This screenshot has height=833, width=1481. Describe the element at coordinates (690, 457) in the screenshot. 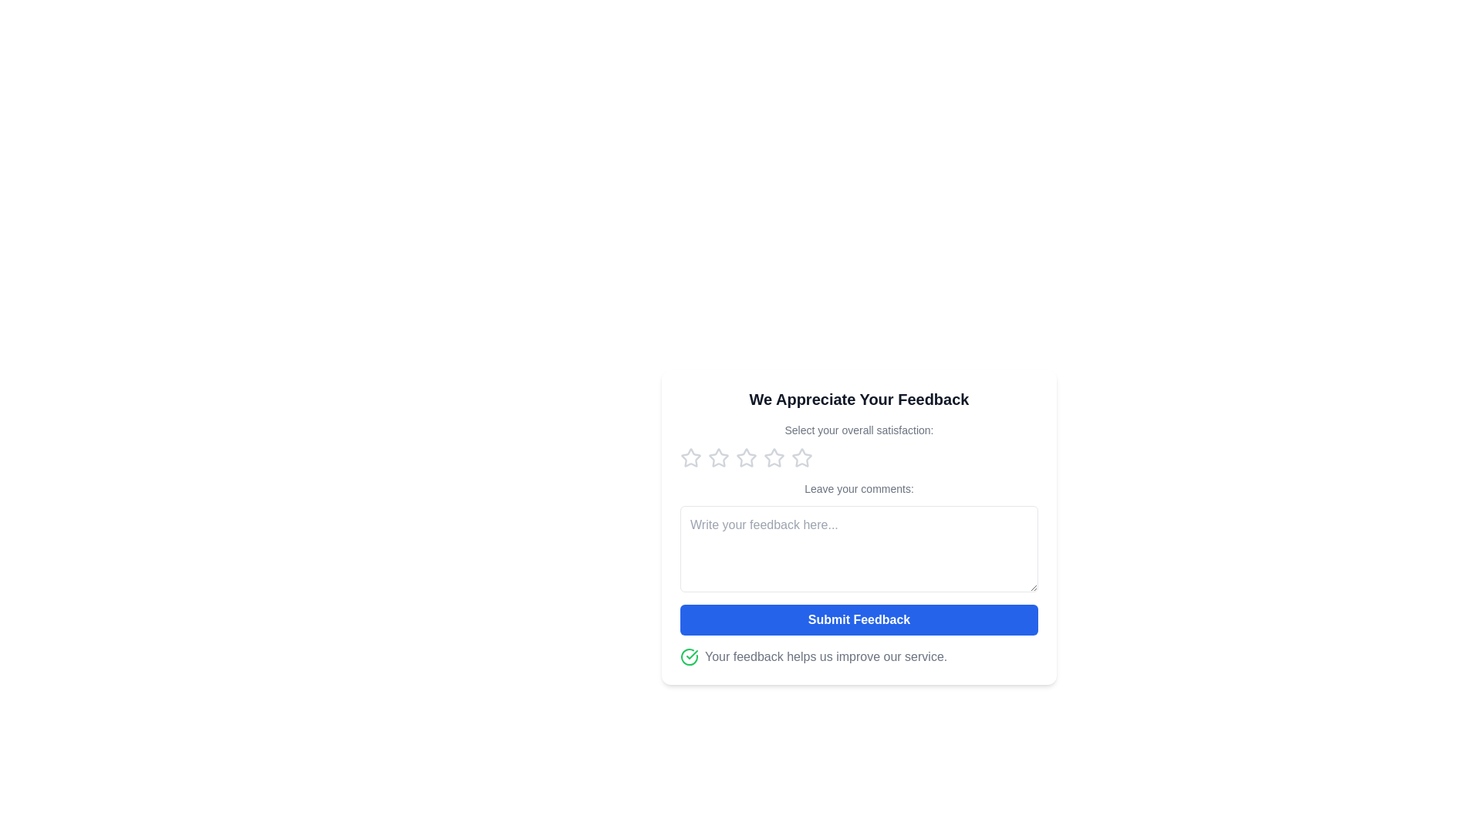

I see `the first star-shaped Rating icon in the feedback form` at that location.